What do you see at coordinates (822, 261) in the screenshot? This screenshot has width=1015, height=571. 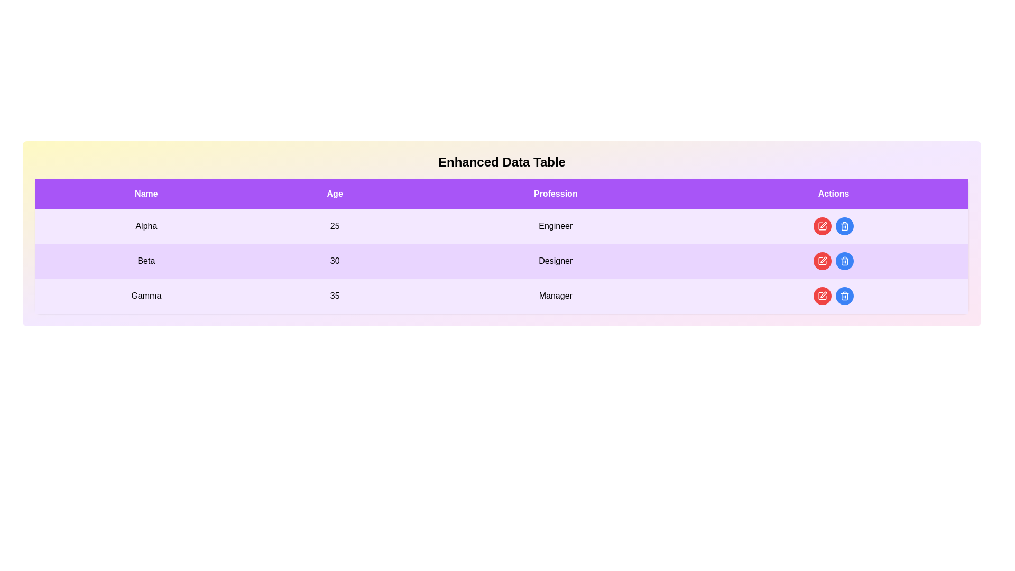 I see `edit button for the entry with name Beta` at bounding box center [822, 261].